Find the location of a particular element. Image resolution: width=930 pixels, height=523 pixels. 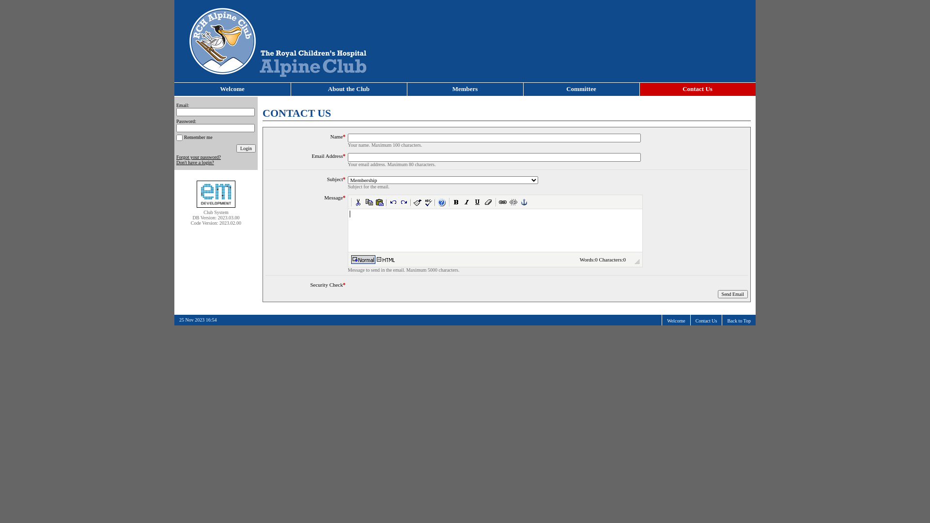

'Help' is located at coordinates (436, 201).